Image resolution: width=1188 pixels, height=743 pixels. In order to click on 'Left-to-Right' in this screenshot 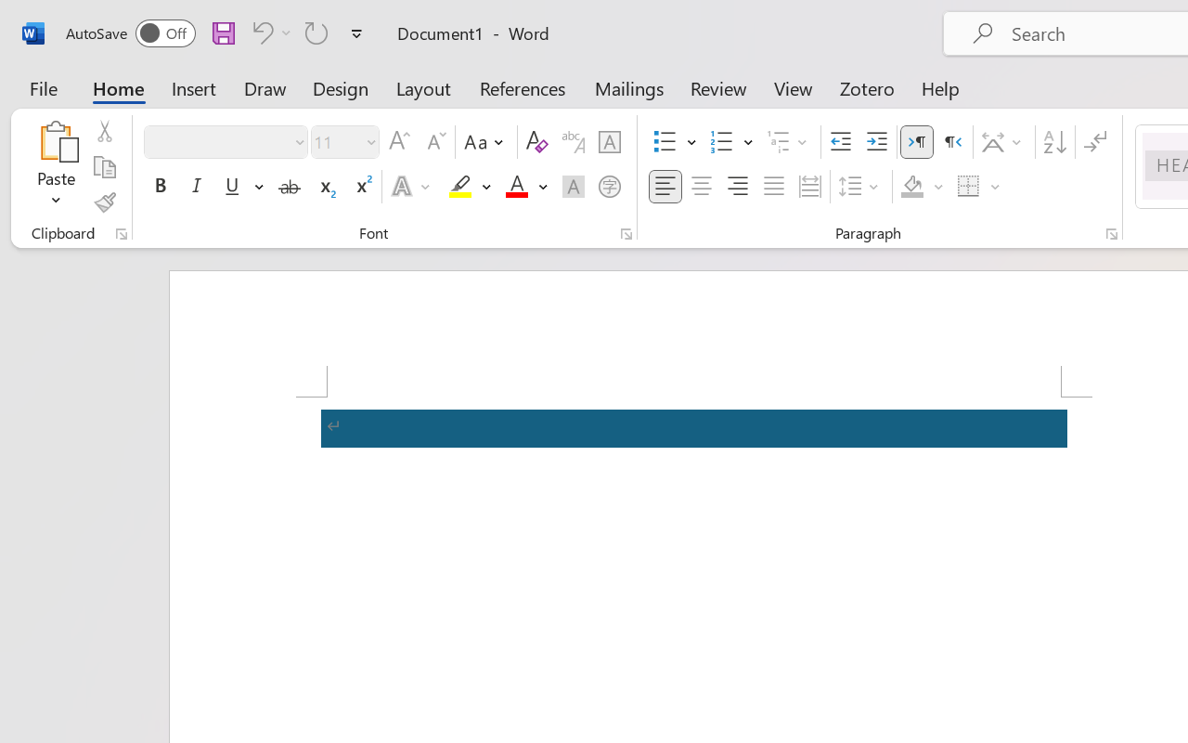, I will do `click(917, 142)`.